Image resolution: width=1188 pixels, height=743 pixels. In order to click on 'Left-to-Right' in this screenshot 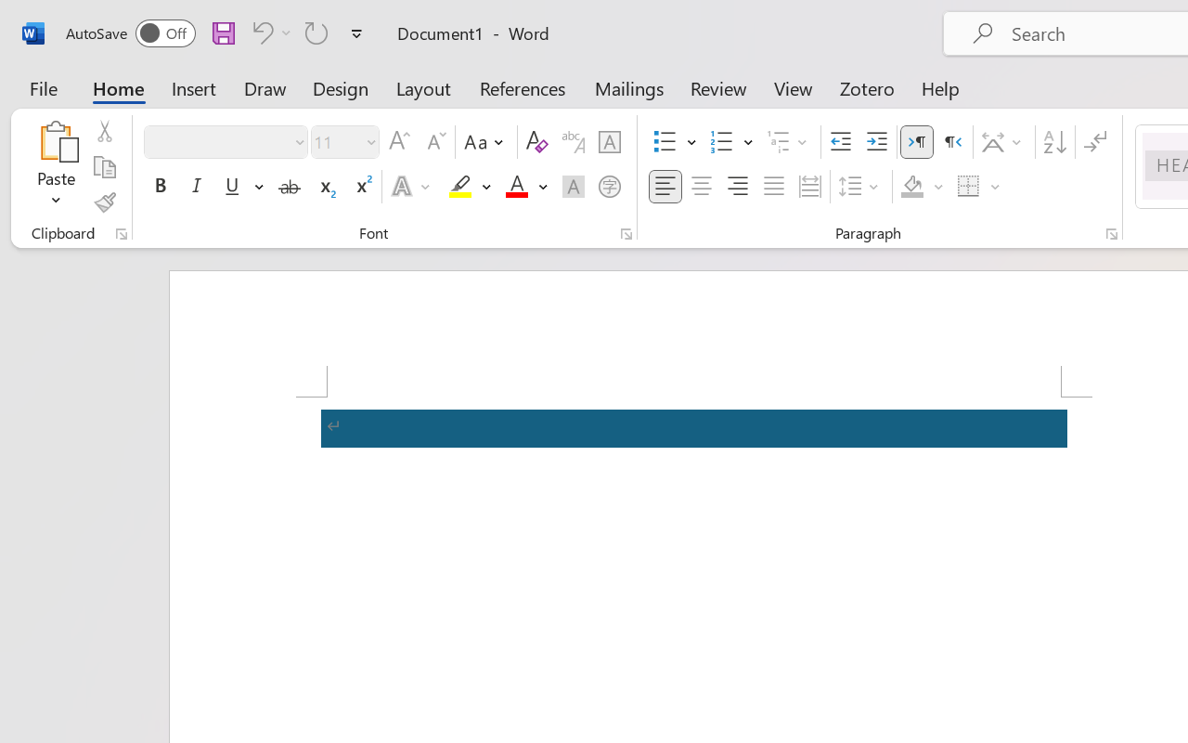, I will do `click(917, 142)`.